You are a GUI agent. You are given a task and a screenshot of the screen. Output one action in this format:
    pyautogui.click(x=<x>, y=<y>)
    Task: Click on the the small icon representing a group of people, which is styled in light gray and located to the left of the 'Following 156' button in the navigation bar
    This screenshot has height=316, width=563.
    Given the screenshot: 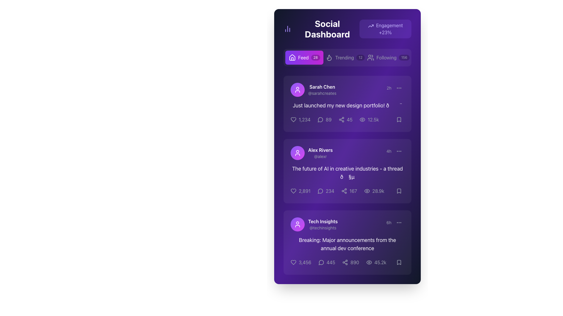 What is the action you would take?
    pyautogui.click(x=370, y=57)
    